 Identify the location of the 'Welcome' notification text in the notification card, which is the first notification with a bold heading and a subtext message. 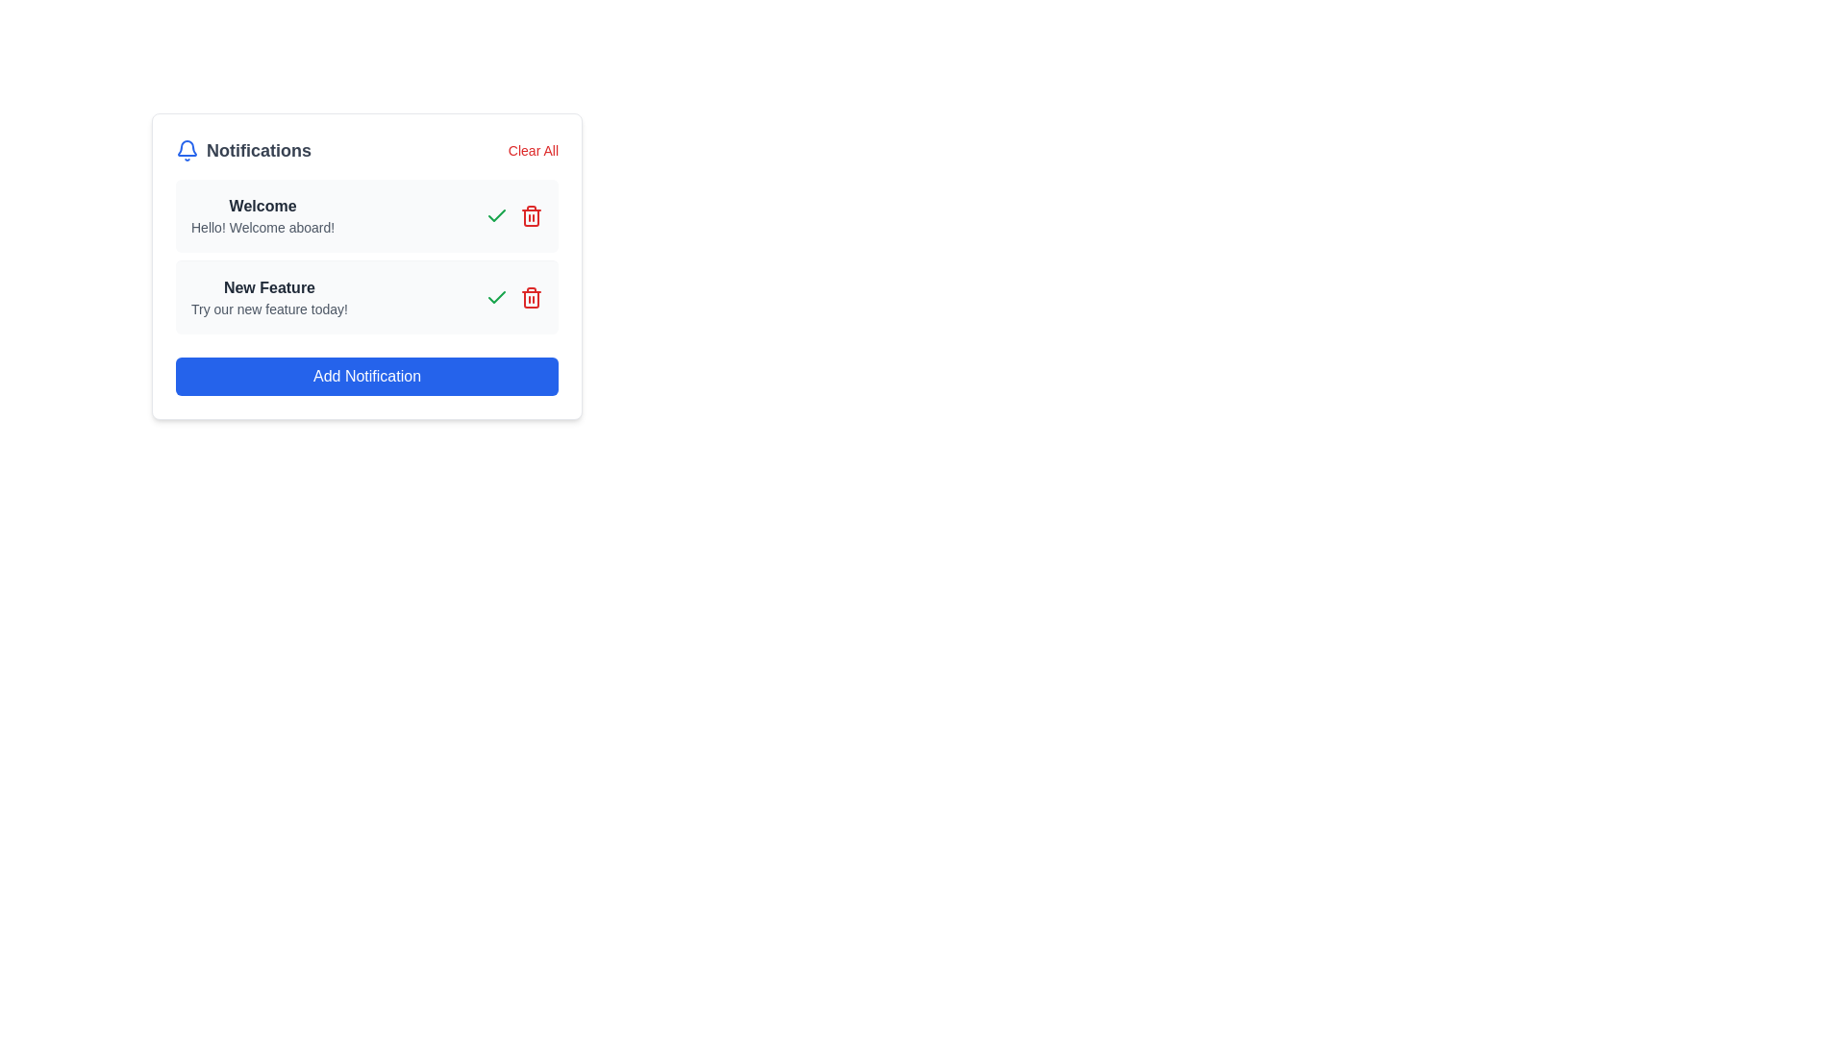
(262, 215).